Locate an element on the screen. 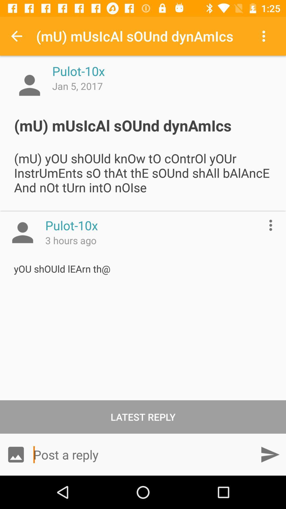 The image size is (286, 509). insert an image is located at coordinates (16, 454).